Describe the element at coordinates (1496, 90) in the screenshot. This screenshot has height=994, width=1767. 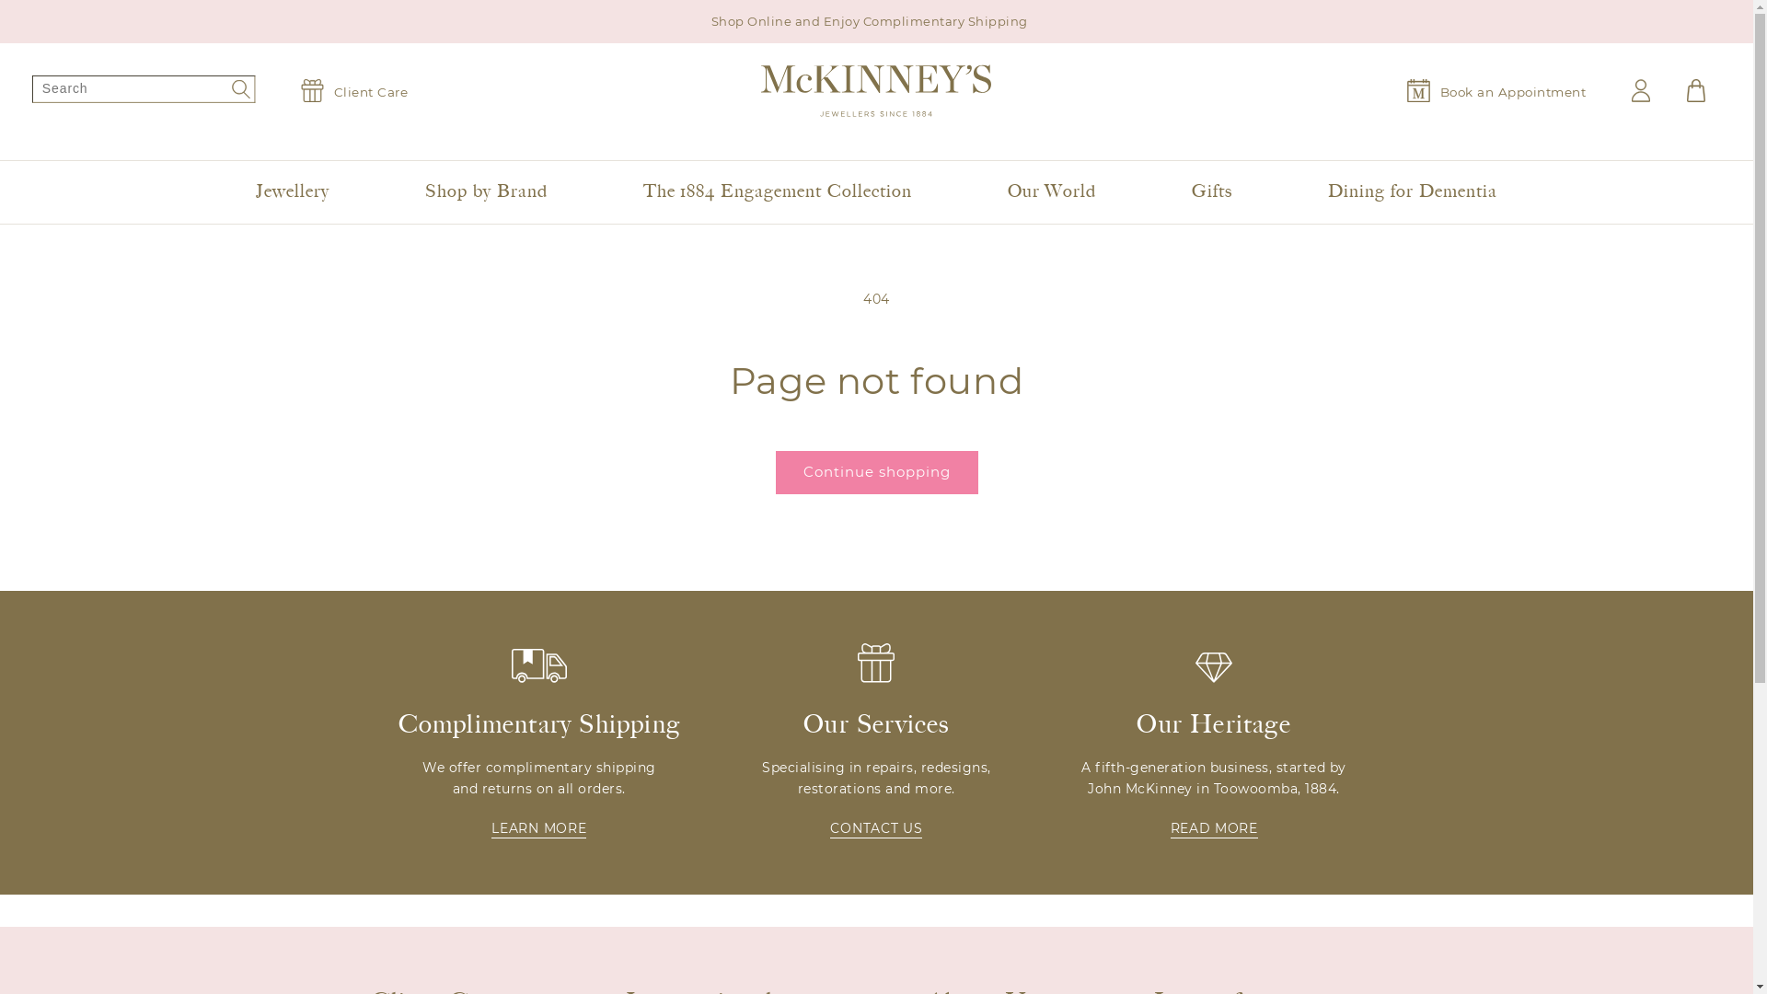
I see `'Book an Appointment'` at that location.